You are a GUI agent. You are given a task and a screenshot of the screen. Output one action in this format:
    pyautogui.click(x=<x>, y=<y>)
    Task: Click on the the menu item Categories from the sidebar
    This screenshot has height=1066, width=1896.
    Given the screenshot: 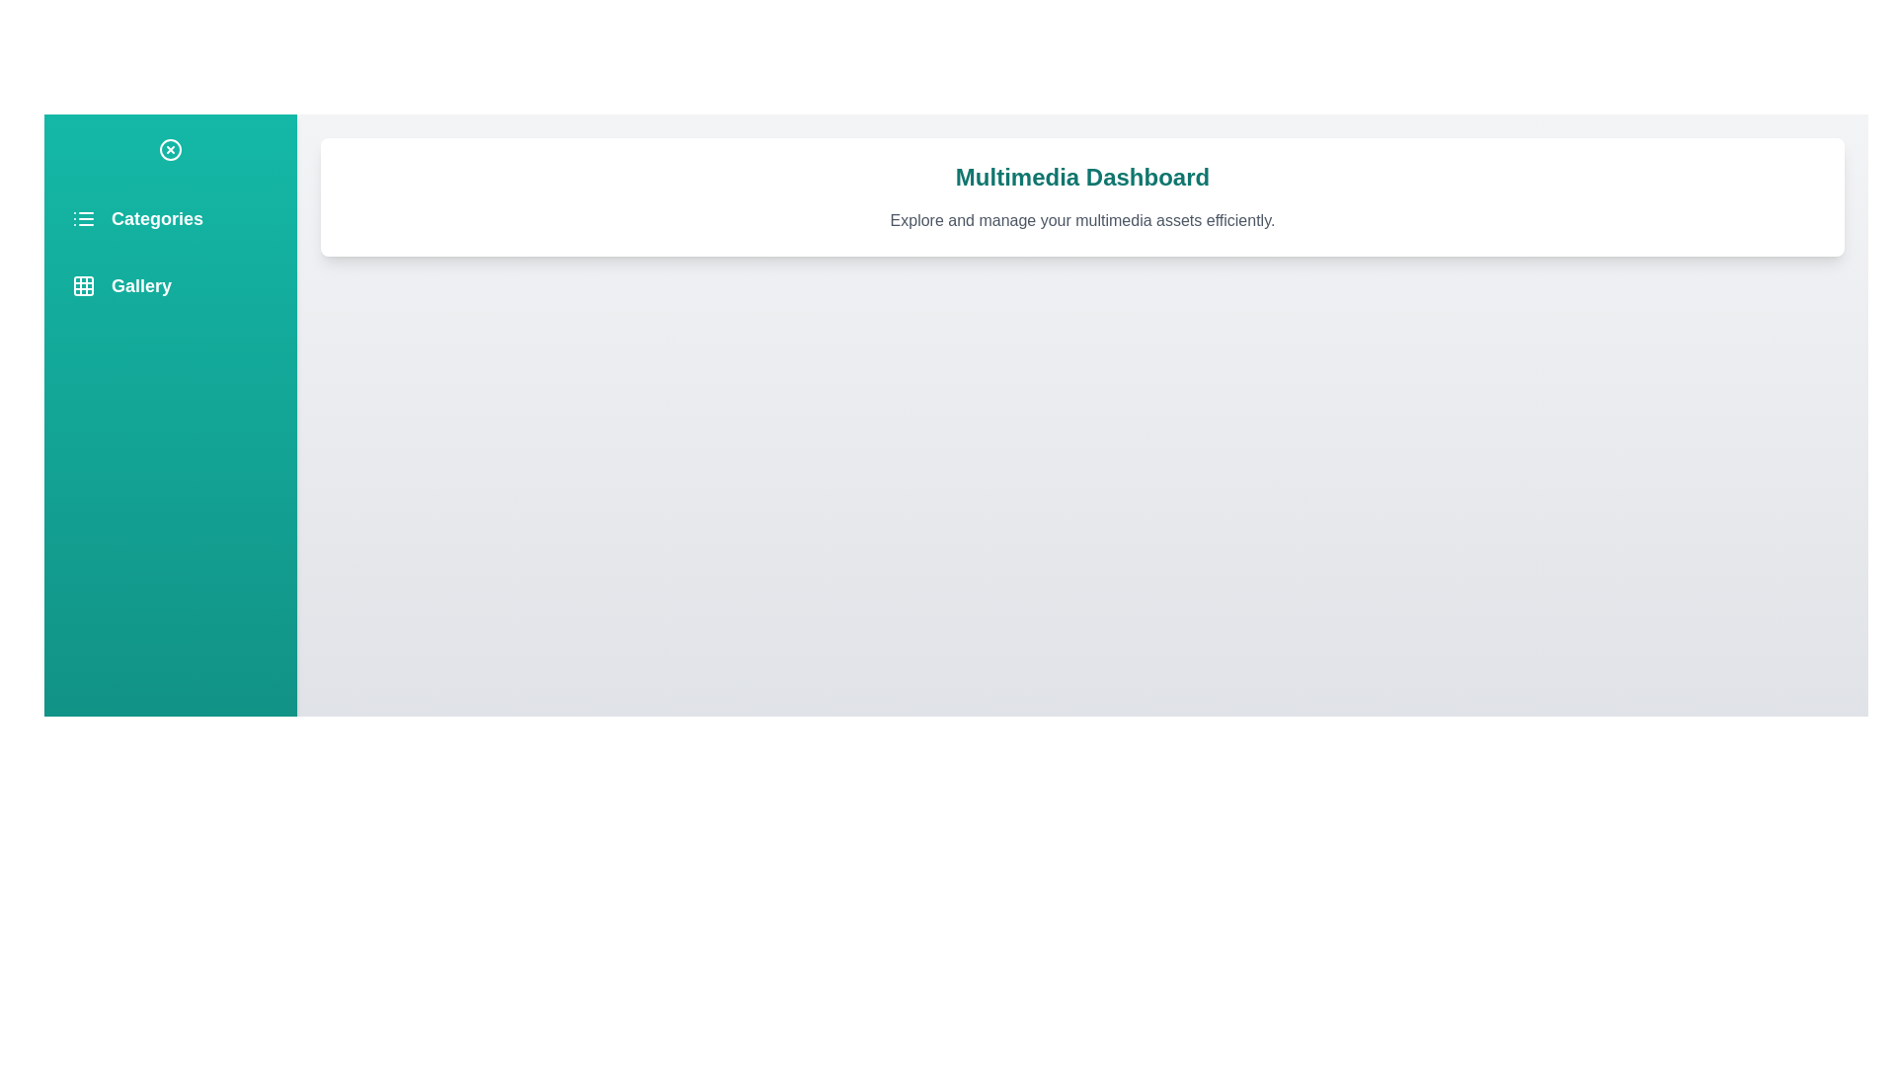 What is the action you would take?
    pyautogui.click(x=170, y=219)
    